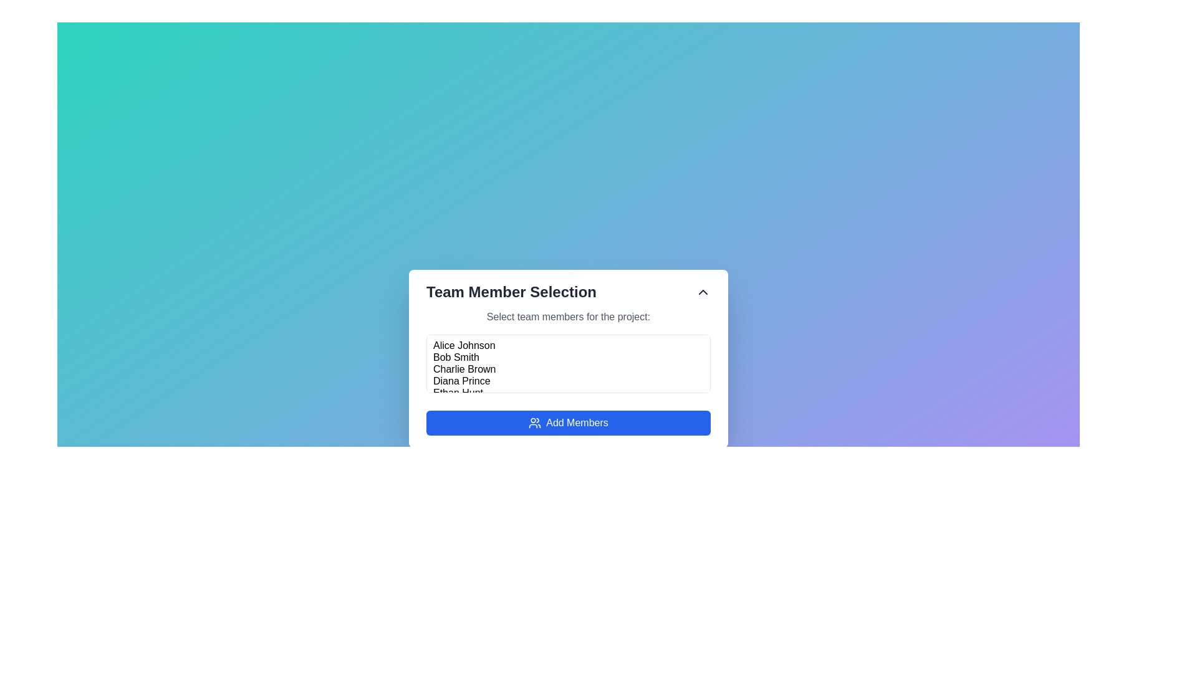 This screenshot has height=673, width=1197. I want to click on the bold text label 'Team Member Selection' located at the top of the card-like interface within a centered modal window, so click(511, 292).